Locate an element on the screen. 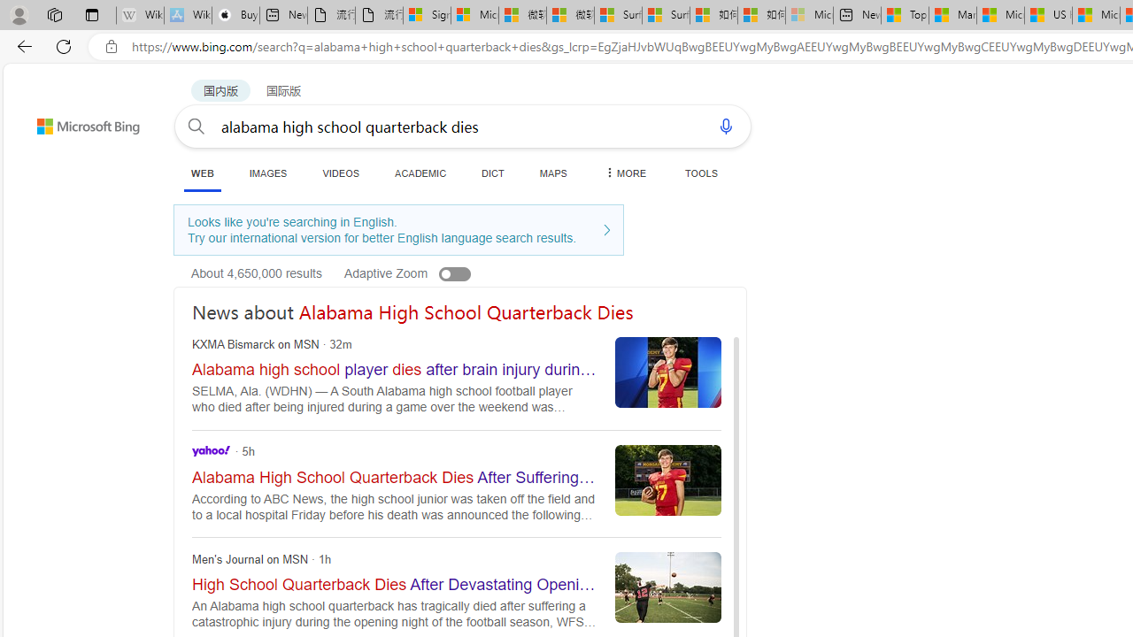 The width and height of the screenshot is (1133, 637). 'TOOLS' is located at coordinates (700, 173).